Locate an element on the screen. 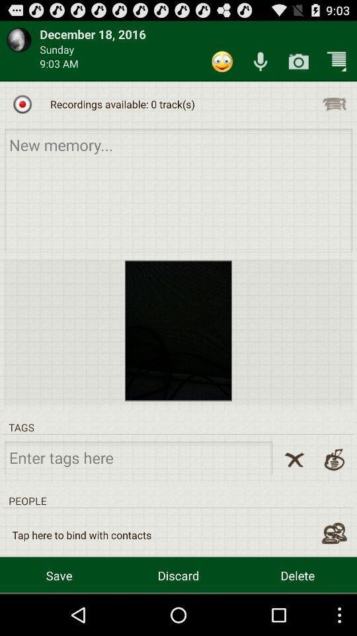  delete tag is located at coordinates (294, 460).